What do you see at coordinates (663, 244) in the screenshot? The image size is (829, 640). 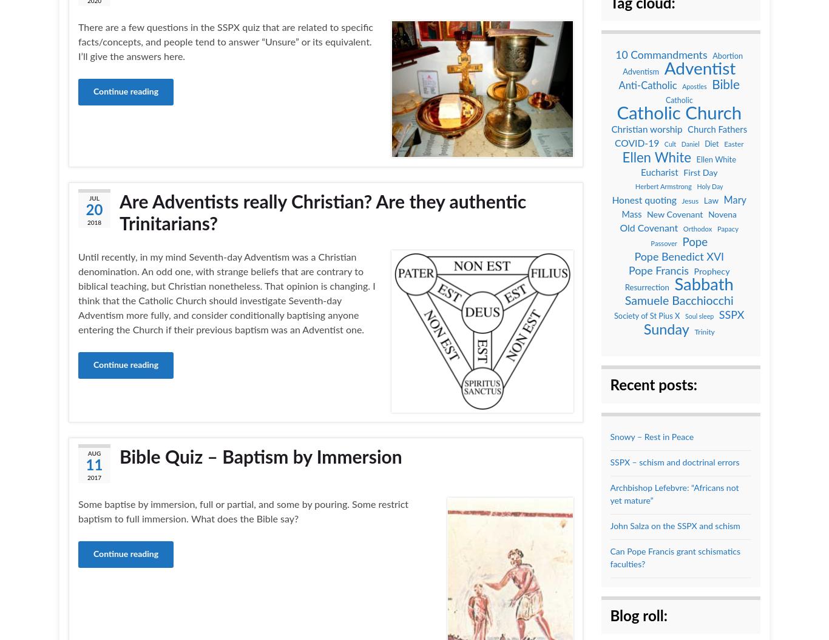 I see `'Passover'` at bounding box center [663, 244].